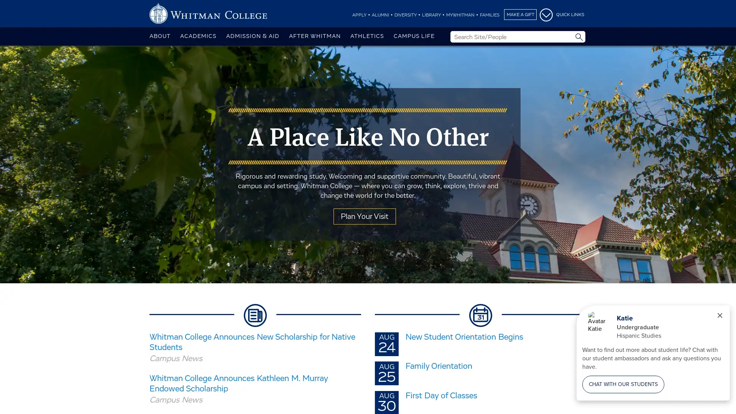 Image resolution: width=736 pixels, height=414 pixels. What do you see at coordinates (583, 36) in the screenshot?
I see `Site` at bounding box center [583, 36].